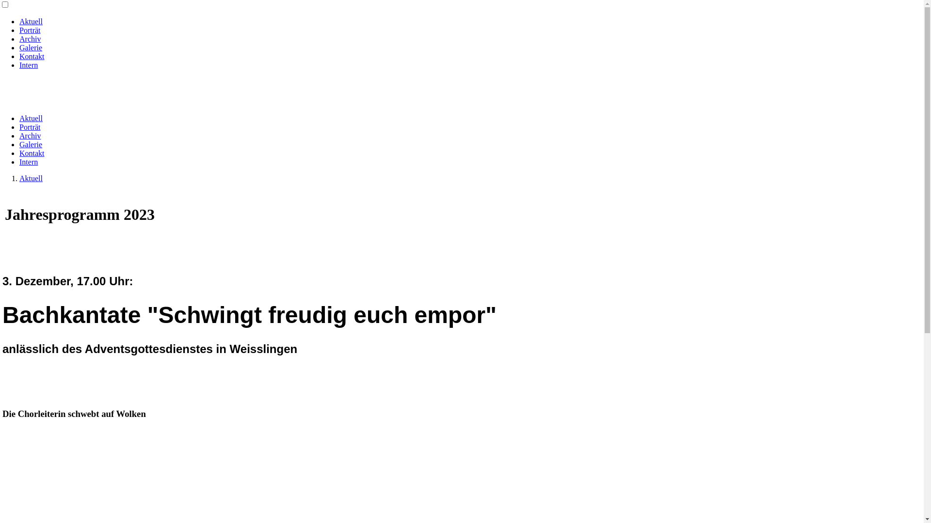 This screenshot has height=523, width=931. Describe the element at coordinates (19, 118) in the screenshot. I see `'Aktuell'` at that location.